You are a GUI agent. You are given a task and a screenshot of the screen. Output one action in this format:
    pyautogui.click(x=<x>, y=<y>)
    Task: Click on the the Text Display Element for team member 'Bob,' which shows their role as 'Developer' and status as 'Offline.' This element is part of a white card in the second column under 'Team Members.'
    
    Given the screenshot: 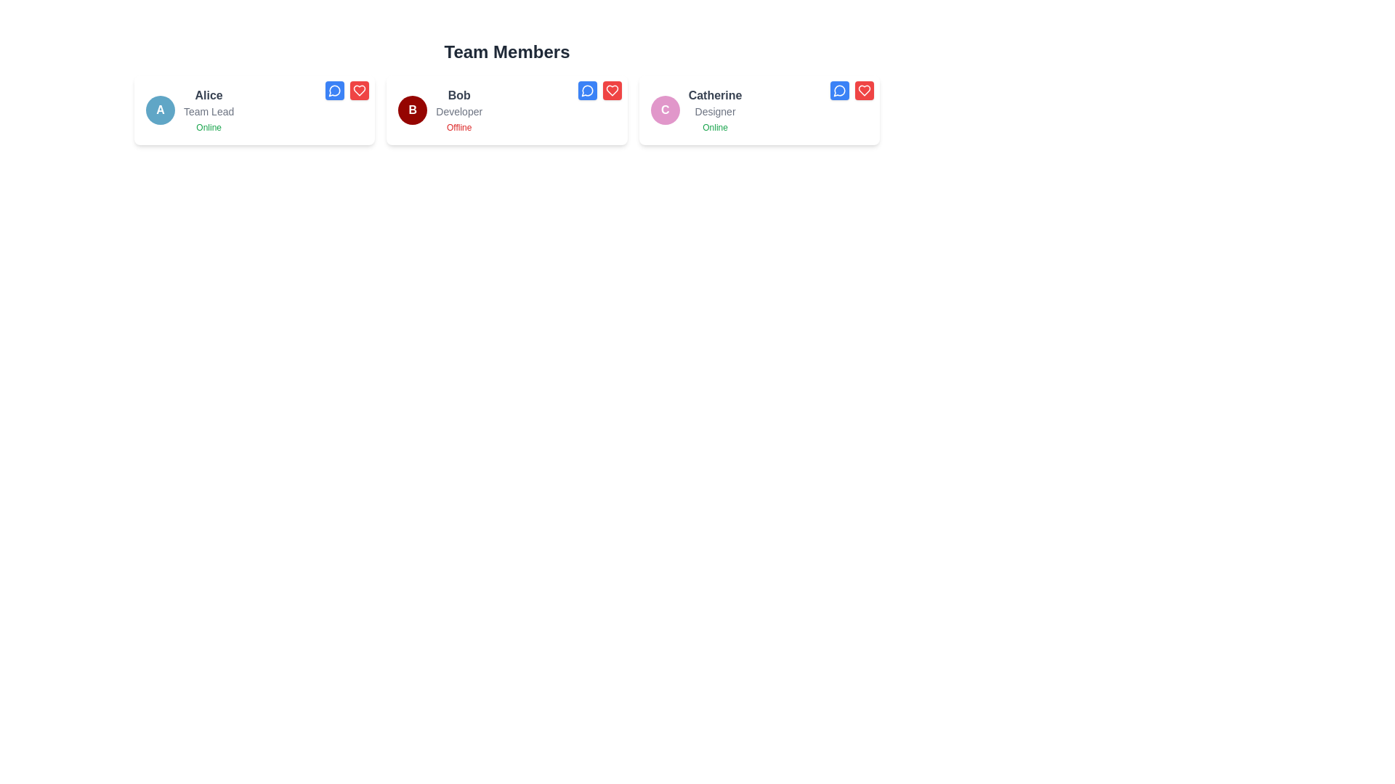 What is the action you would take?
    pyautogui.click(x=458, y=109)
    